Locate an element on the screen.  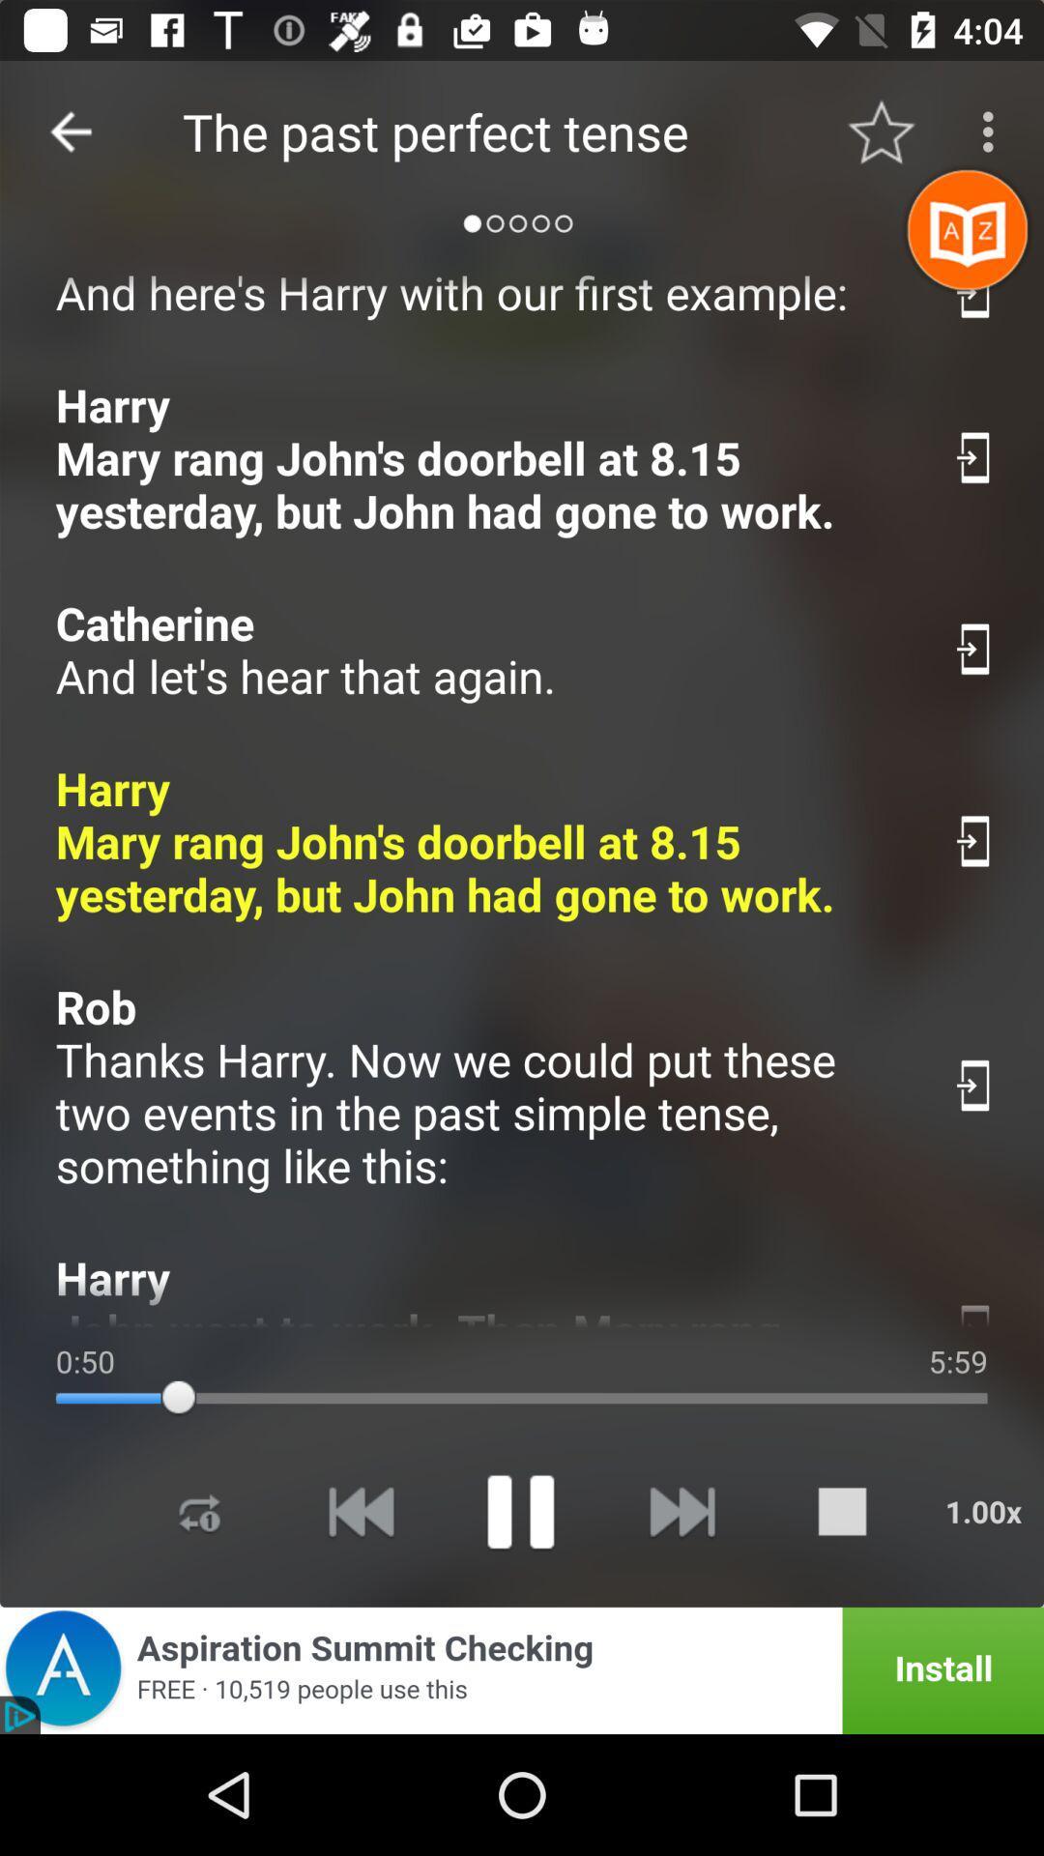
back is located at coordinates (361, 1510).